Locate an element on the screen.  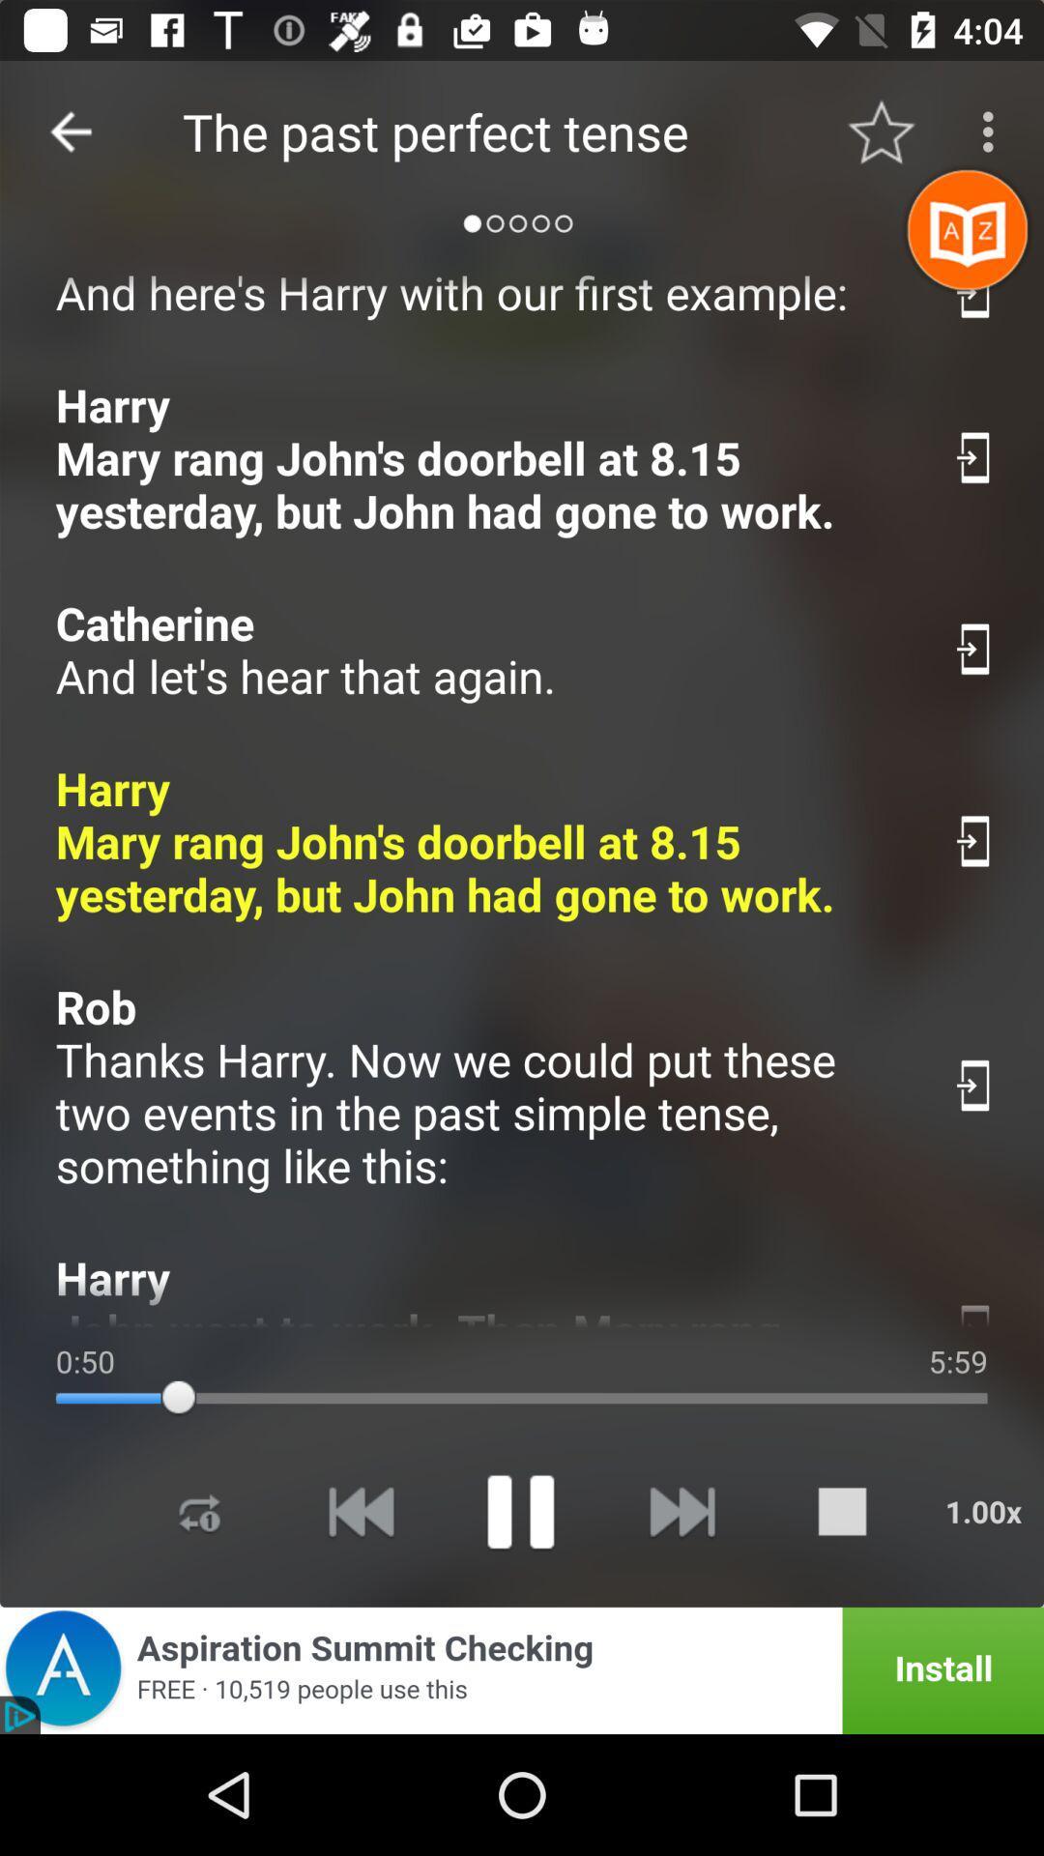
back is located at coordinates (361, 1510).